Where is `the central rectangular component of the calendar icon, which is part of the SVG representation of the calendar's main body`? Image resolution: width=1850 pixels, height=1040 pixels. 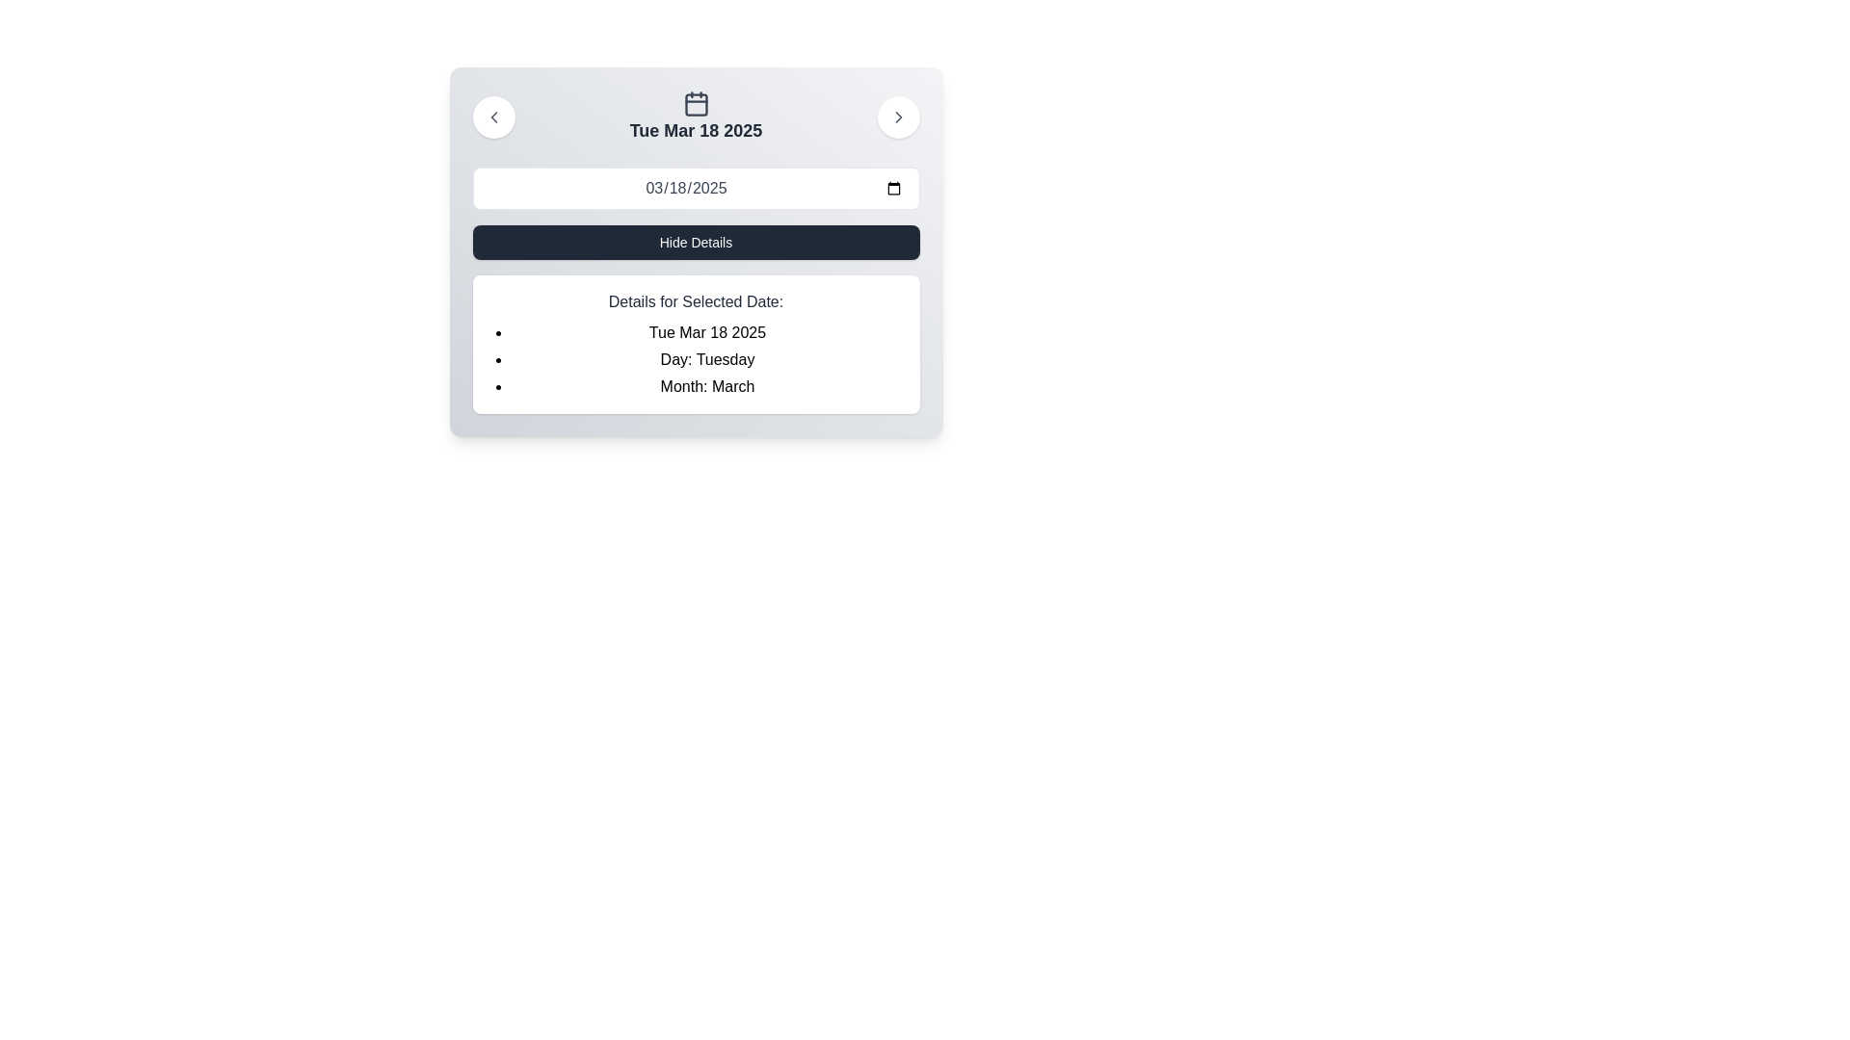
the central rectangular component of the calendar icon, which is part of the SVG representation of the calendar's main body is located at coordinates (695, 105).